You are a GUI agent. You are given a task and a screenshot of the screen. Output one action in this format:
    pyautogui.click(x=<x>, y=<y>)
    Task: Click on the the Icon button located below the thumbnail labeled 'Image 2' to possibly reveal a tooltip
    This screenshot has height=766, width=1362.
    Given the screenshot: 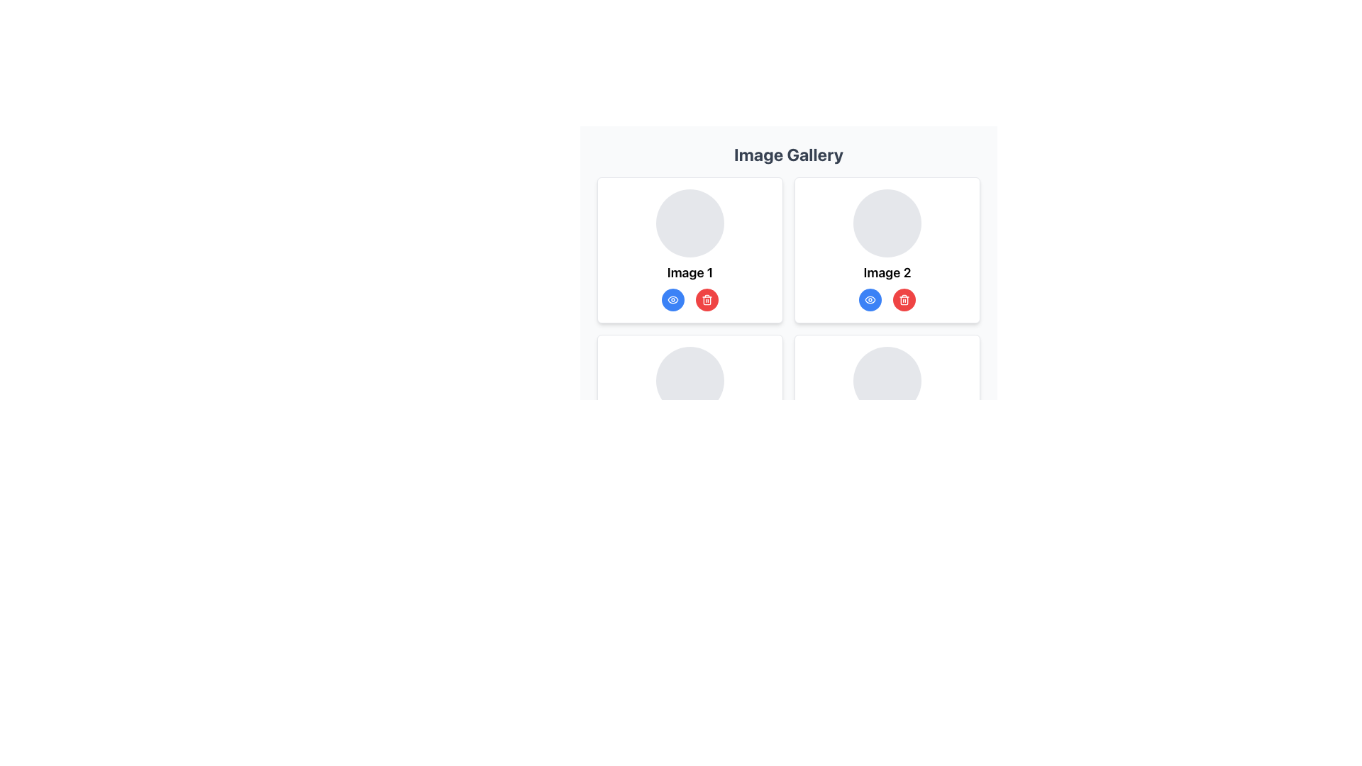 What is the action you would take?
    pyautogui.click(x=707, y=299)
    